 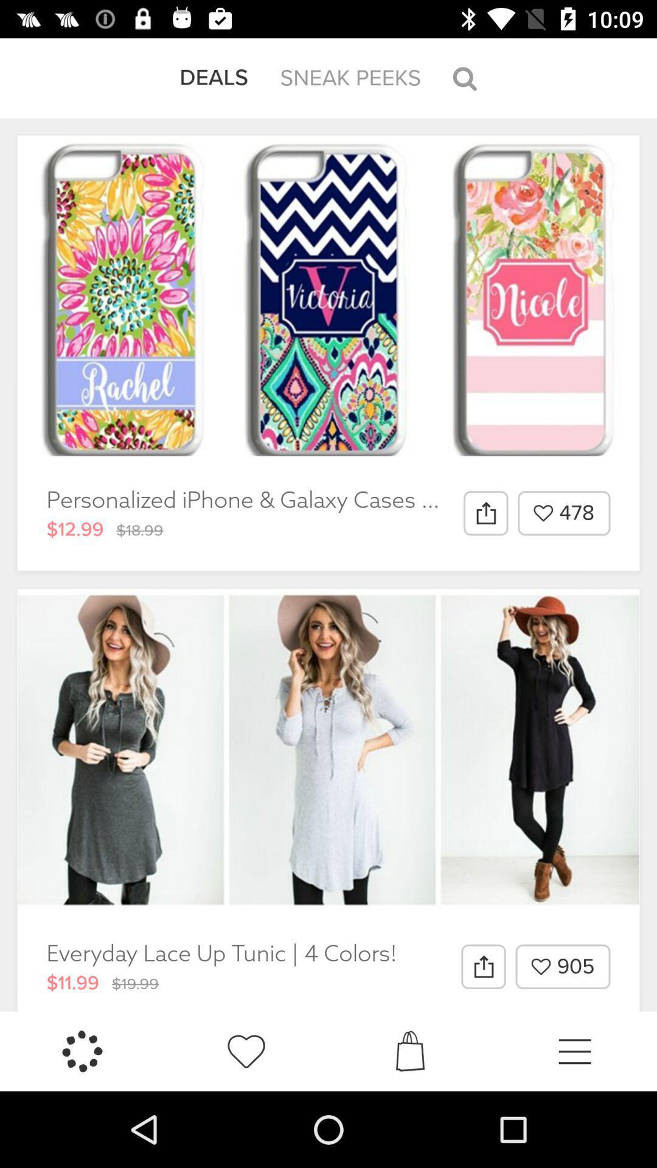 What do you see at coordinates (213, 77) in the screenshot?
I see `the item next to the sneak peeks item` at bounding box center [213, 77].